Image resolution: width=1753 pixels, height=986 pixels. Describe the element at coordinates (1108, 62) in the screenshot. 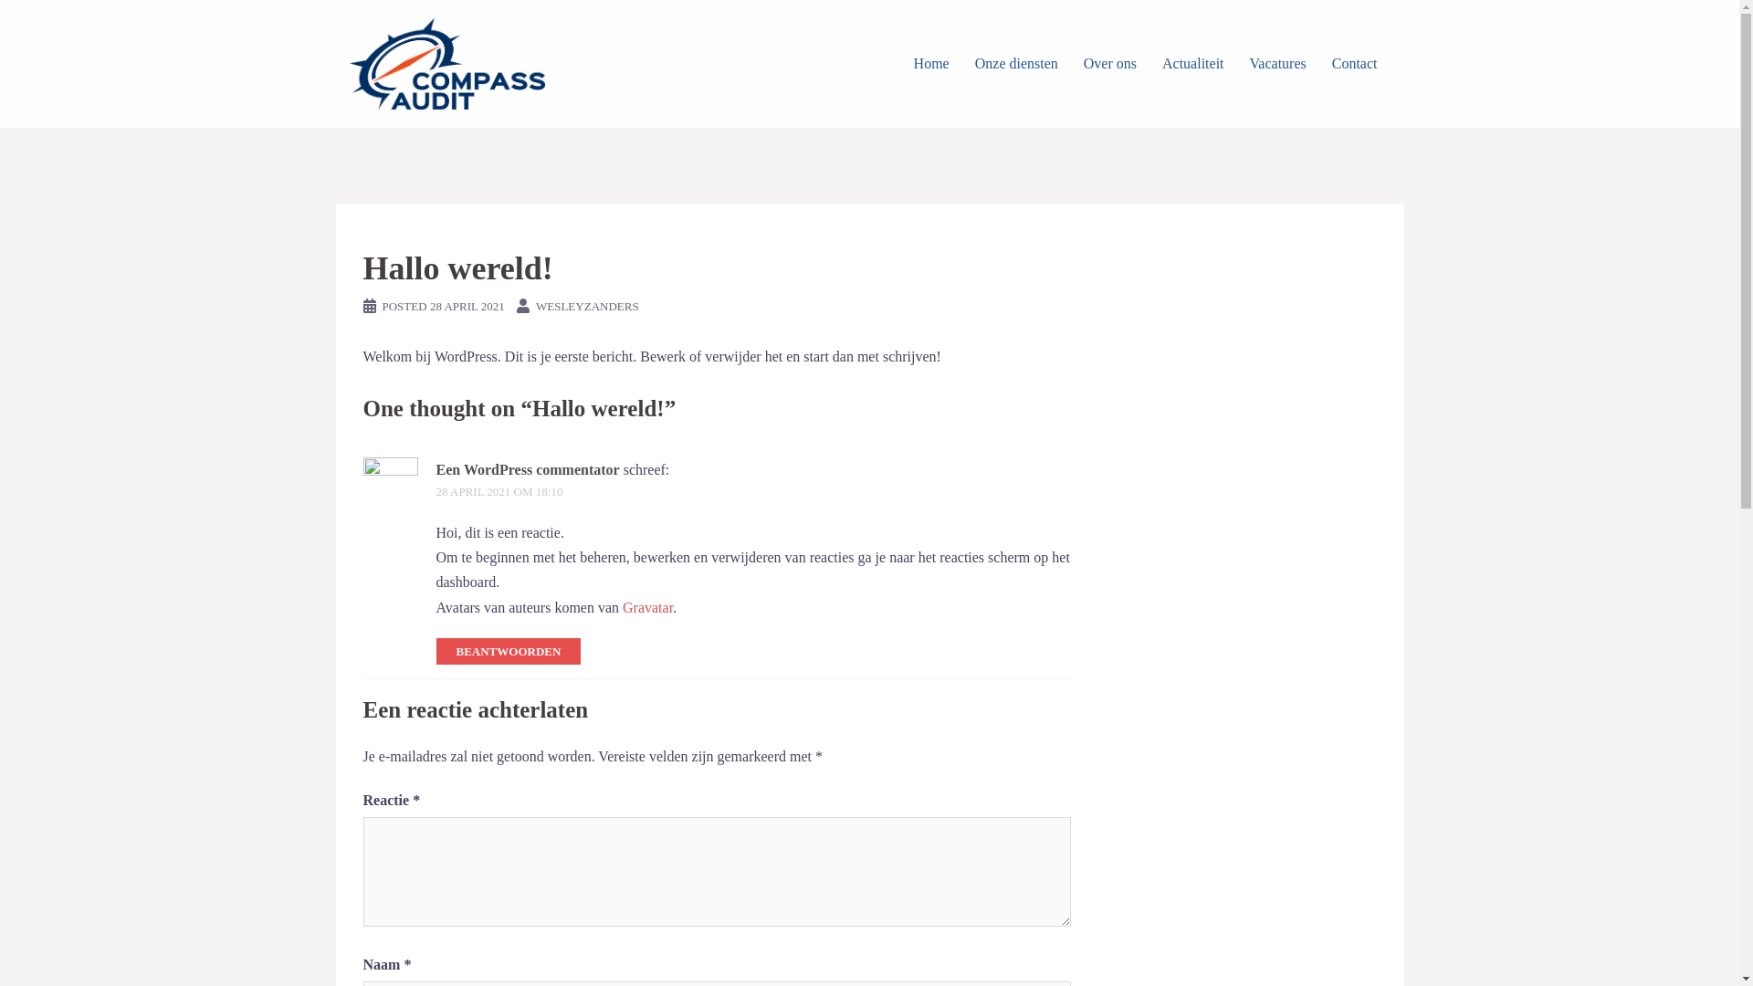

I see `'Over ons'` at that location.